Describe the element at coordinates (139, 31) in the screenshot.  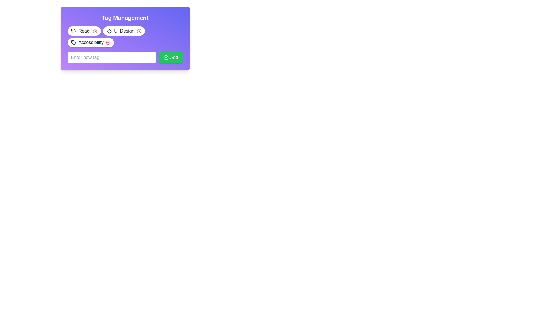
I see `the SVG circle element that serves as the background or outline for an icon, located within an SVG group to the right side of the 'Tag Management' header` at that location.